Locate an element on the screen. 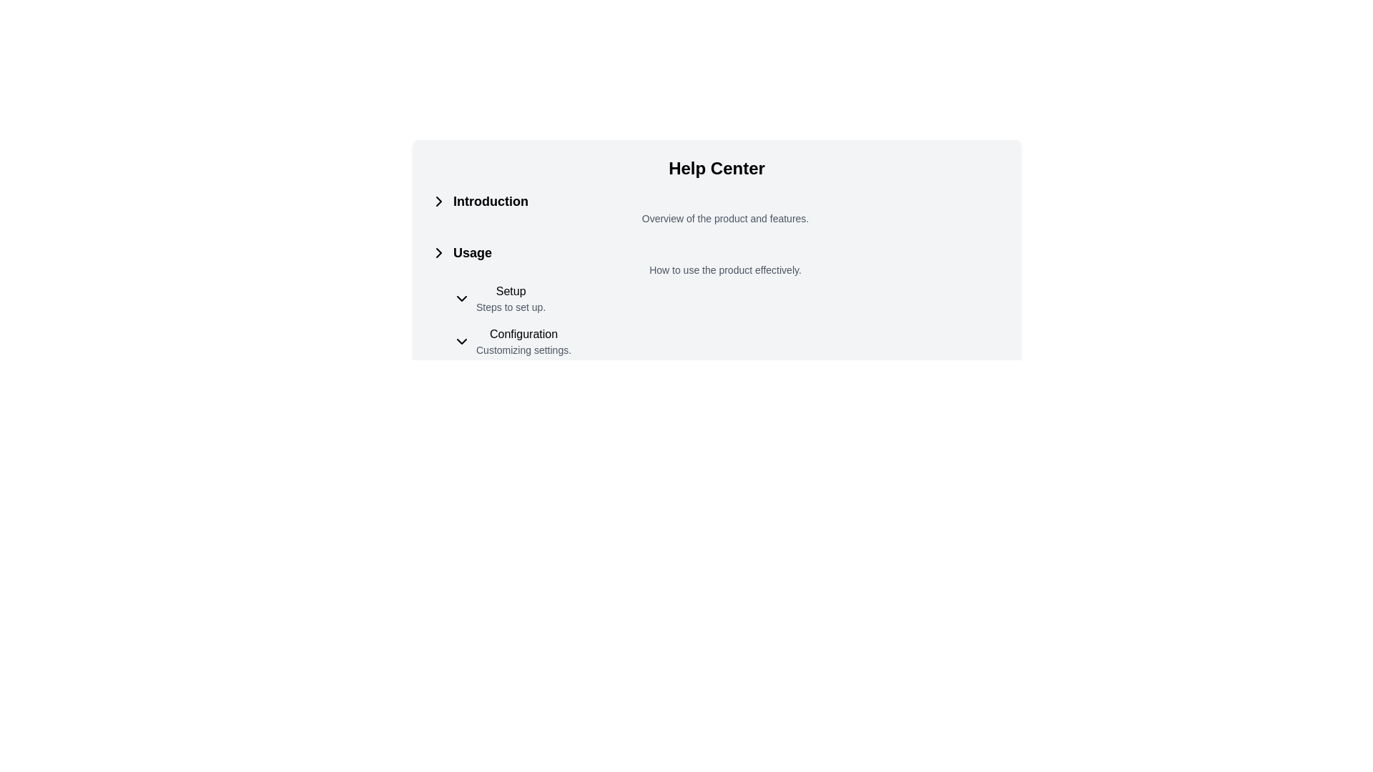 The height and width of the screenshot is (772, 1373). the Text Label that provides a summary related to the 'Introduction' section, located directly below the bold heading labeled 'Introduction' is located at coordinates (725, 218).